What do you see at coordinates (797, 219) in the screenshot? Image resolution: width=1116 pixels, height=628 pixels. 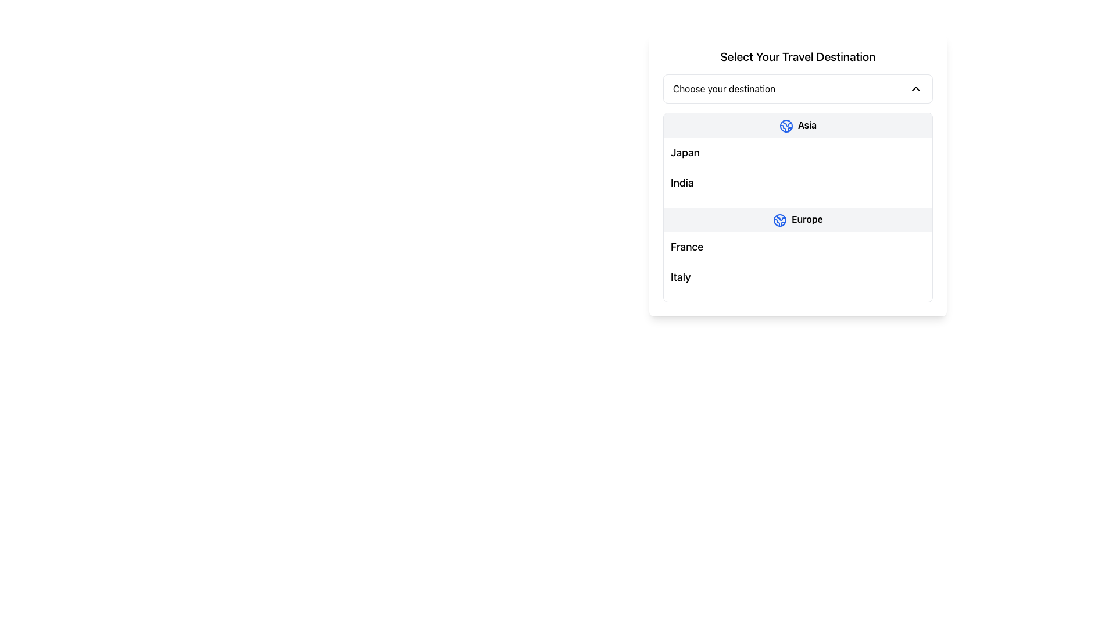 I see `the 'Europe' label, which is the third option in the vertical list of destinations under 'Choose Your Destination', styled with a light gray background and bold text, accompanied by a blue globe icon` at bounding box center [797, 219].